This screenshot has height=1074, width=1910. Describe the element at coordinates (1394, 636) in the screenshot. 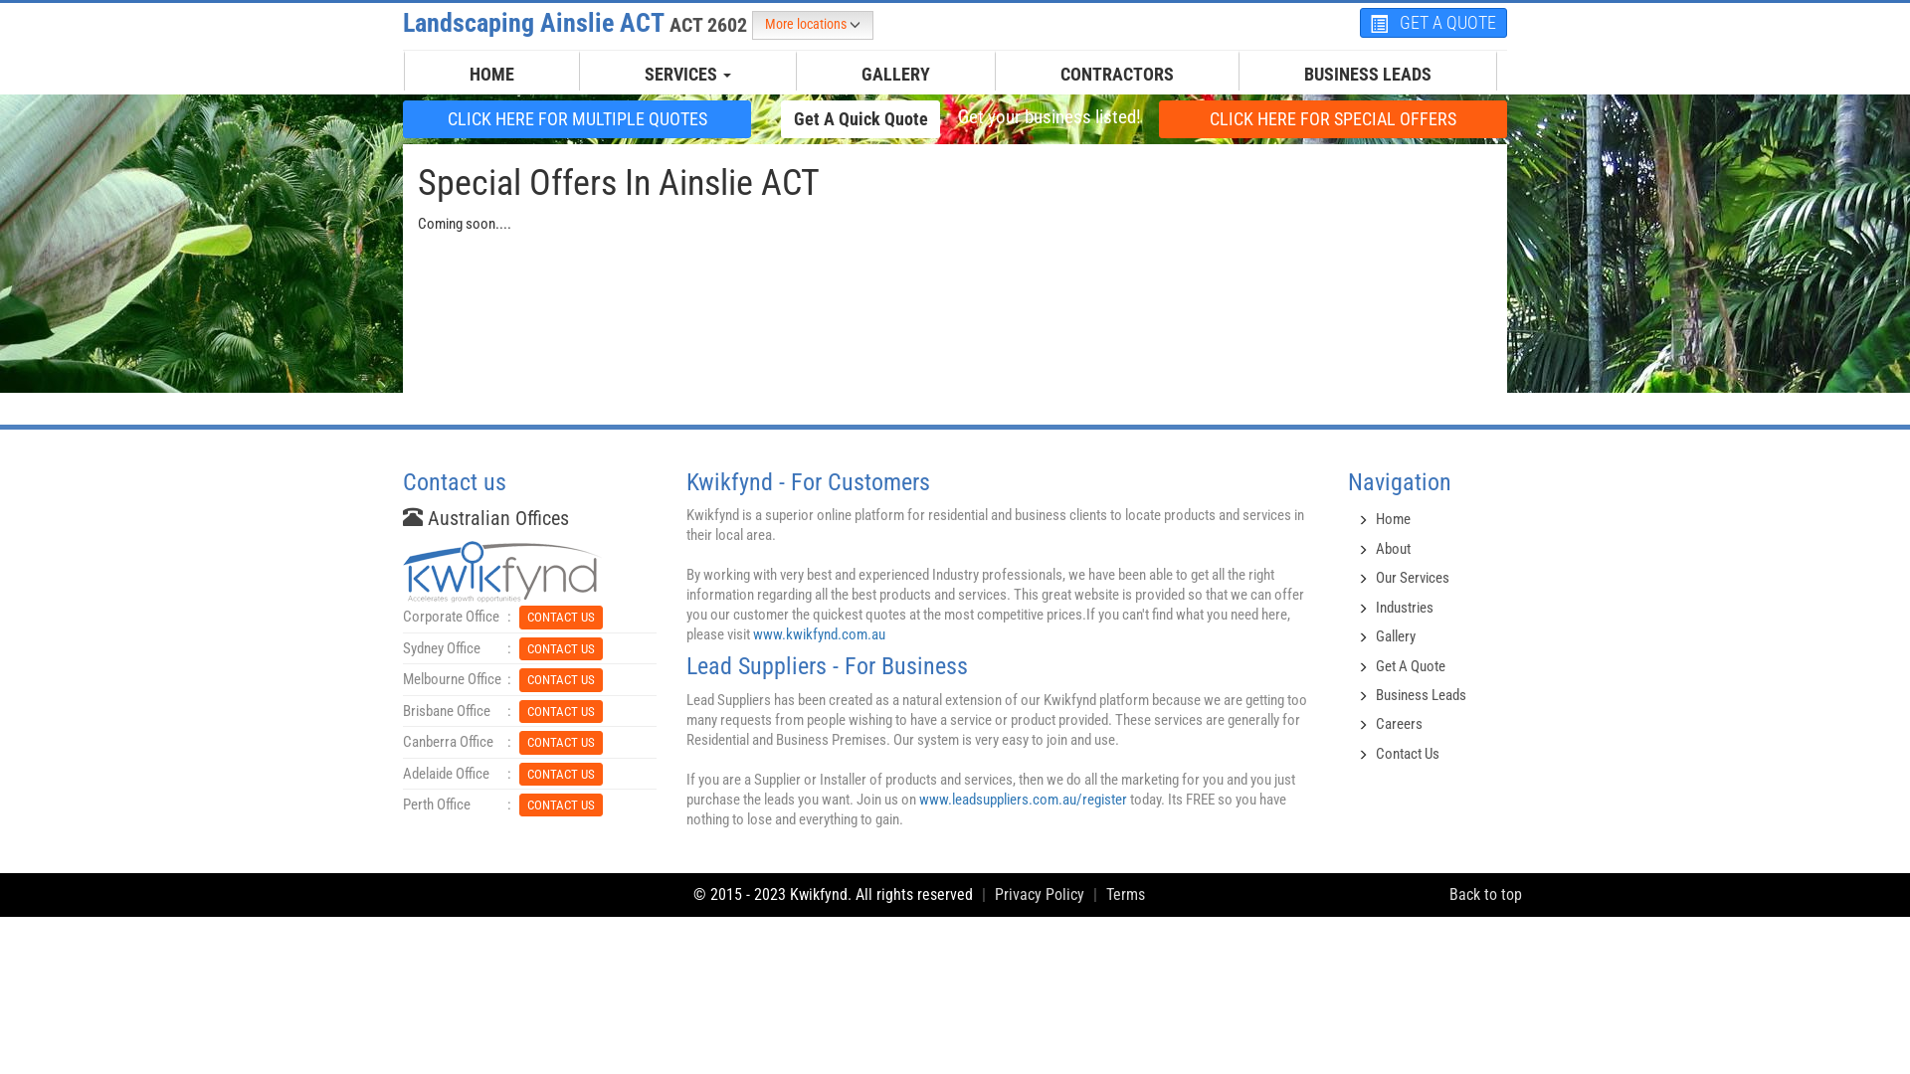

I see `'Gallery'` at that location.